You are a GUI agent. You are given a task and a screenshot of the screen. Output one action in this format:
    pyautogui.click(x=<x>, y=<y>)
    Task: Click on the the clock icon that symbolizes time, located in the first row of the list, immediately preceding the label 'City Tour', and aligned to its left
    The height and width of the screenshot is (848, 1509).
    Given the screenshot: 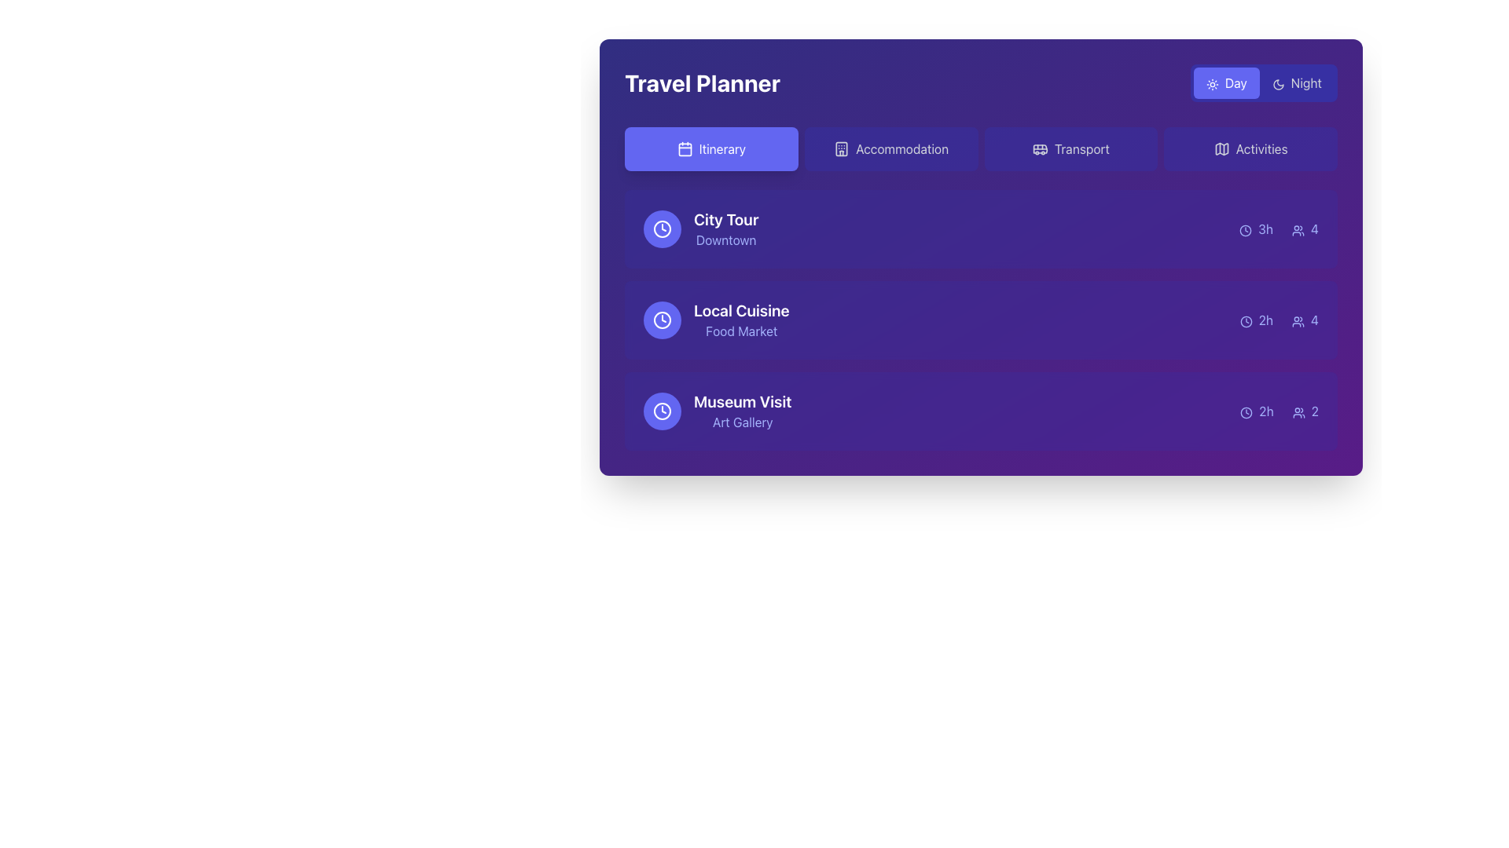 What is the action you would take?
    pyautogui.click(x=663, y=229)
    